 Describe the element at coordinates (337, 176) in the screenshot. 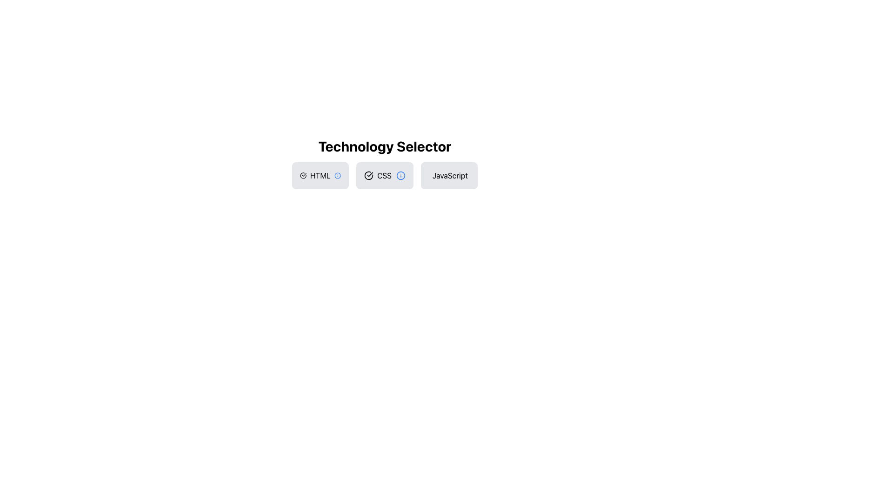

I see `the SVG circle element styled with a blue outline, which is part of the information icon located to the right of the 'CSS' button` at that location.